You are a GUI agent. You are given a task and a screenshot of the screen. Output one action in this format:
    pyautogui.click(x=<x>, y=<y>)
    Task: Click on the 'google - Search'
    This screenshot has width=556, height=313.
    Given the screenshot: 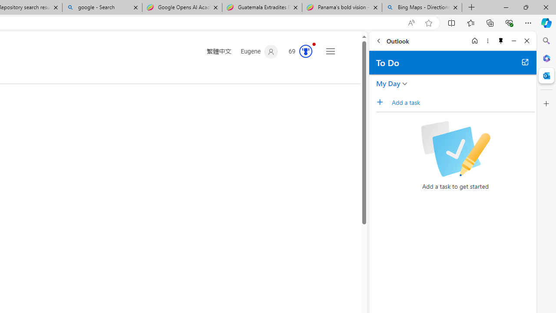 What is the action you would take?
    pyautogui.click(x=102, y=7)
    